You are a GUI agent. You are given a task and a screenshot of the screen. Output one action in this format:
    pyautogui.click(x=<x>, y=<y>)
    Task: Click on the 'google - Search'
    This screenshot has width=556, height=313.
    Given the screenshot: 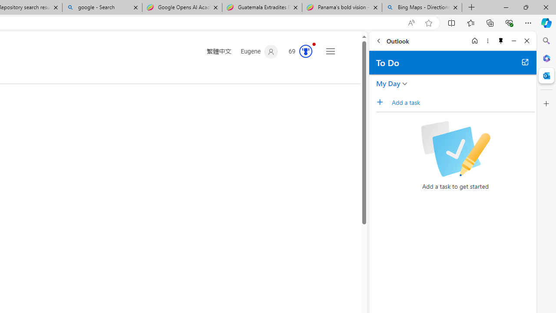 What is the action you would take?
    pyautogui.click(x=102, y=7)
    